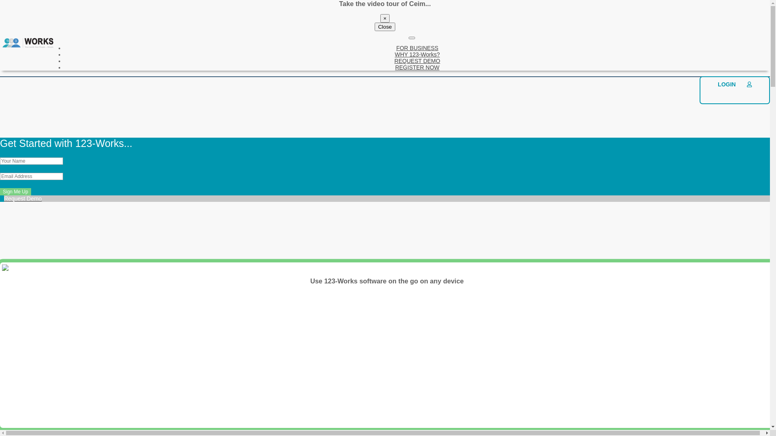 The height and width of the screenshot is (436, 776). I want to click on 'Sign Me Up', so click(15, 191).